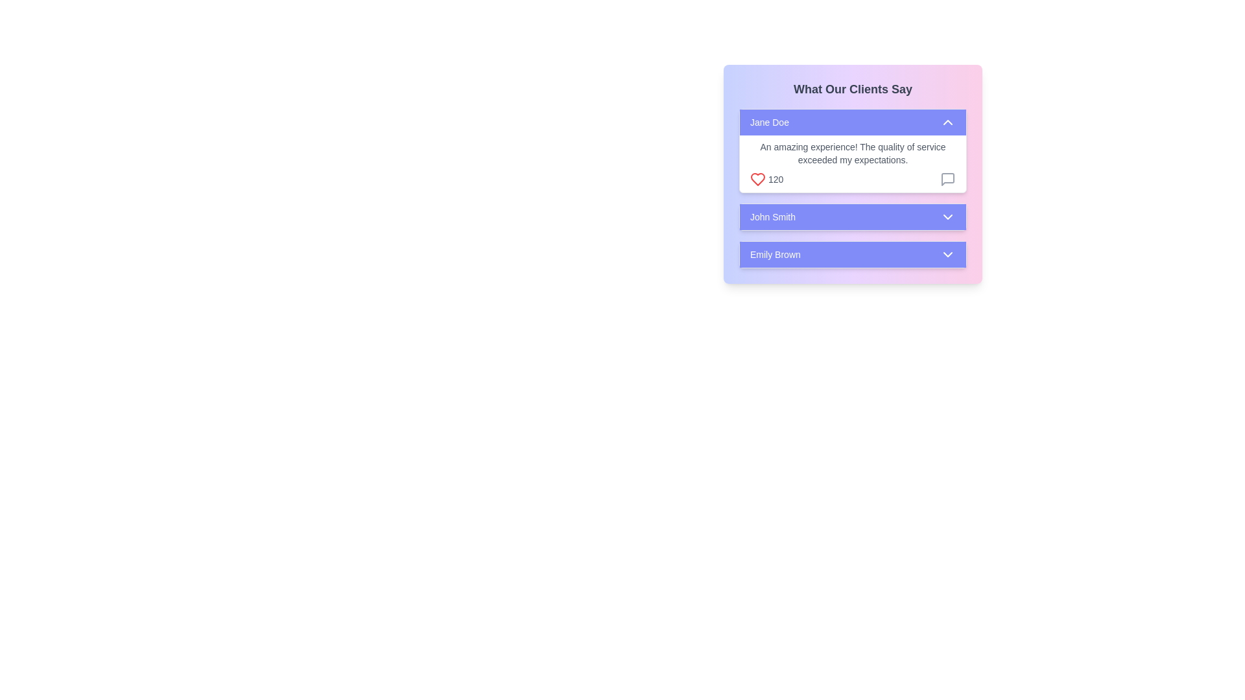 This screenshot has width=1245, height=700. I want to click on the Header Text element displaying 'What Our Clients Say' which is styled in bold and dark gray on a gradient background, located at the top center of the client testimonials section, so click(853, 89).